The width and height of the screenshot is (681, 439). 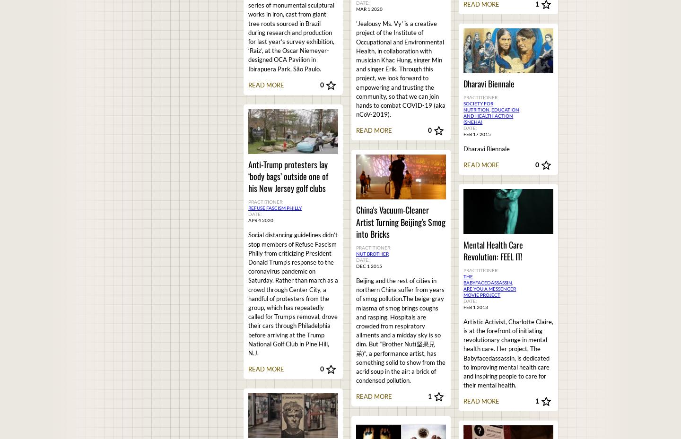 I want to click on 'Nut Brother', so click(x=355, y=253).